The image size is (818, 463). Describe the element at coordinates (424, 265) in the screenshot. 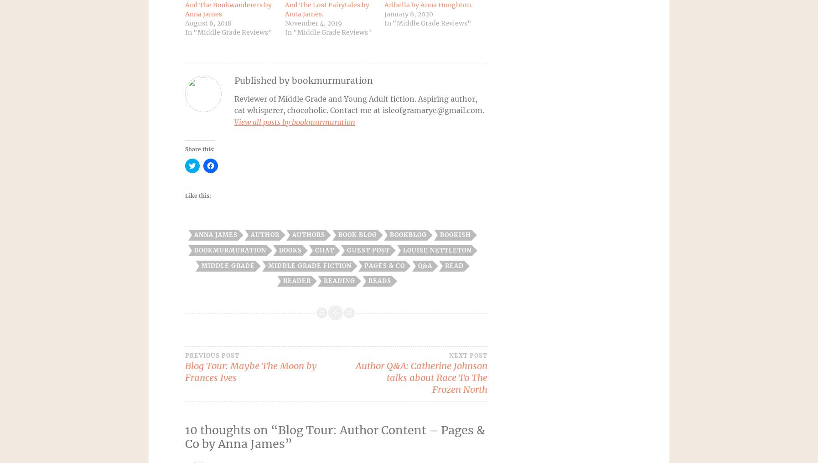

I see `'Q&A'` at that location.